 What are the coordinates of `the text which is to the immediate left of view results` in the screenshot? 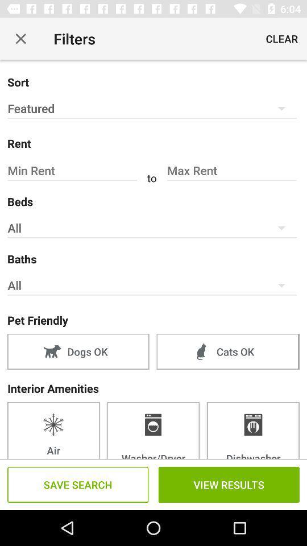 It's located at (77, 484).